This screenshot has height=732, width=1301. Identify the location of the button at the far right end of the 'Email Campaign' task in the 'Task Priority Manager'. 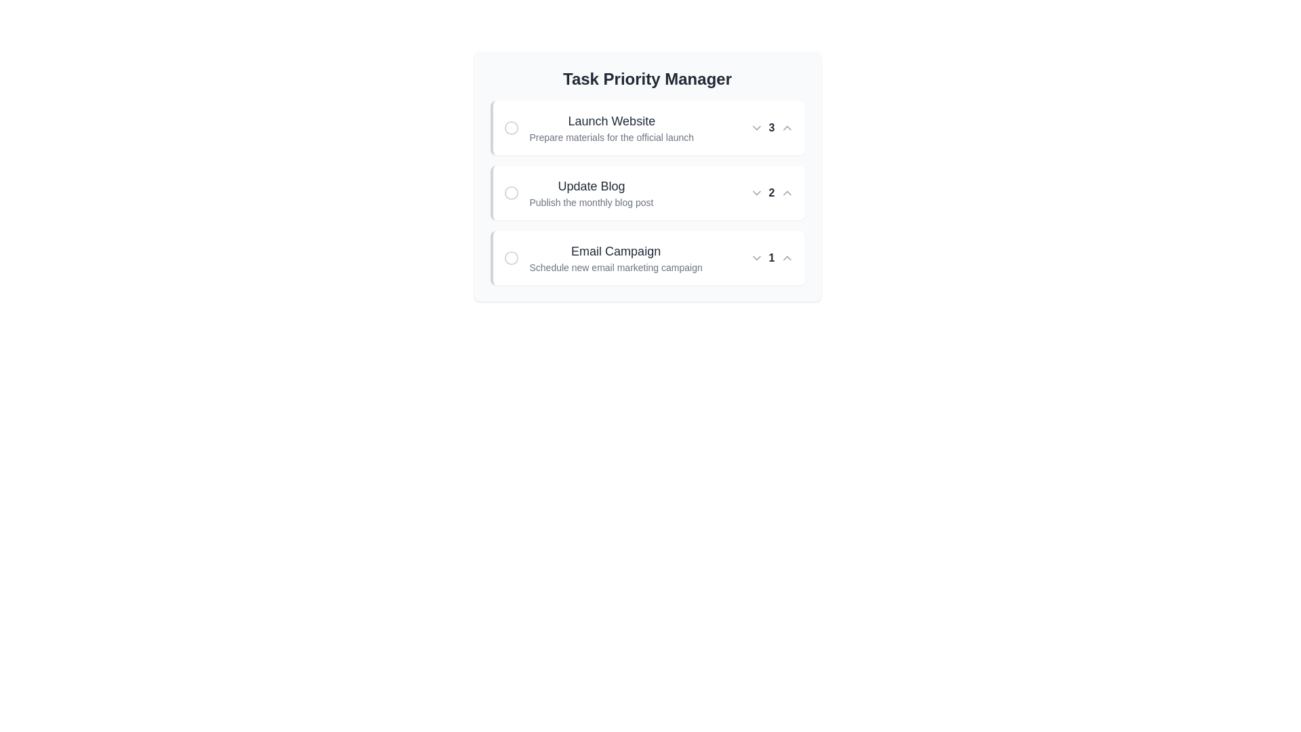
(787, 258).